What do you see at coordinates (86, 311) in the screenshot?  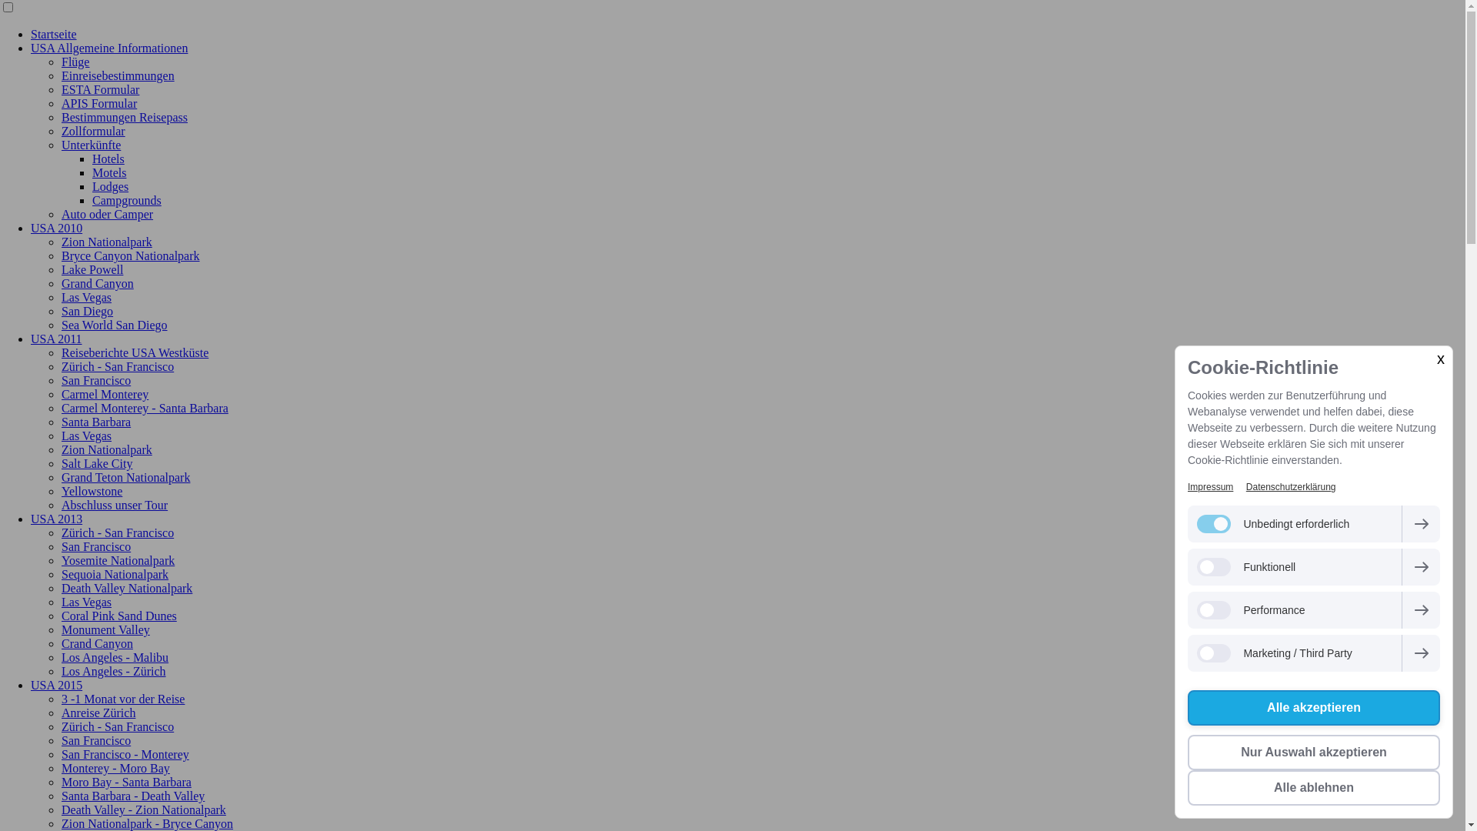 I see `'San Diego'` at bounding box center [86, 311].